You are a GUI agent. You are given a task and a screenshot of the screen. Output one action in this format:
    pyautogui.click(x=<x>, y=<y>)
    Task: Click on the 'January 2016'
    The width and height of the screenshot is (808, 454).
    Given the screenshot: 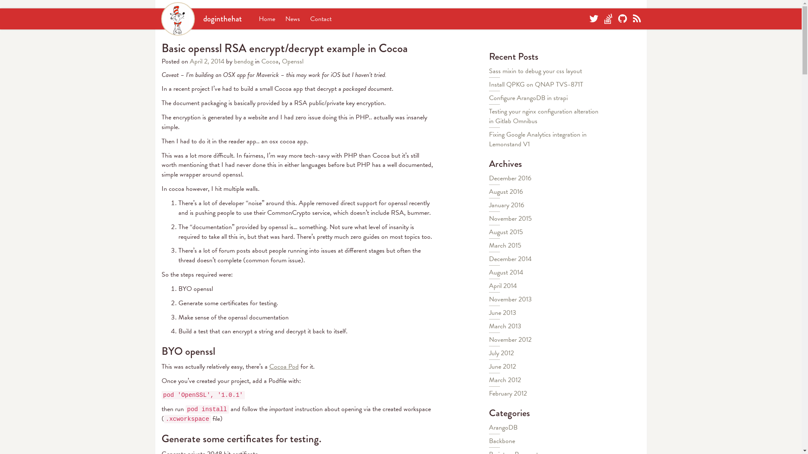 What is the action you would take?
    pyautogui.click(x=489, y=205)
    